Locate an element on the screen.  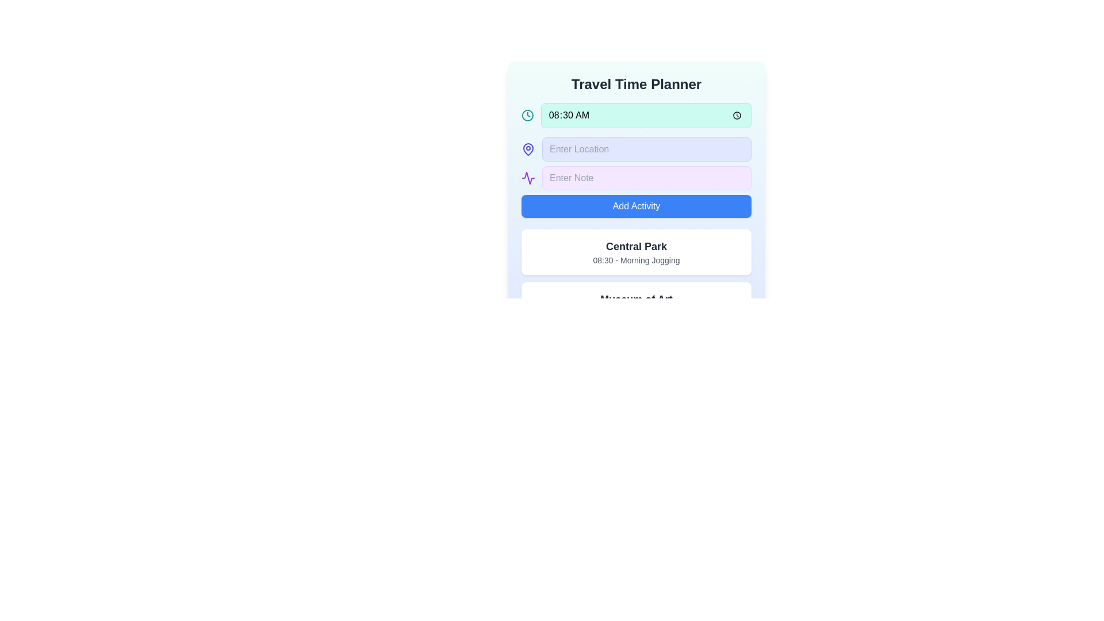
the location pin icon, which has a circular base and pointed bottom, located near the top left section of the interface adjacent to the 'Enter Location' text field is located at coordinates (527, 148).